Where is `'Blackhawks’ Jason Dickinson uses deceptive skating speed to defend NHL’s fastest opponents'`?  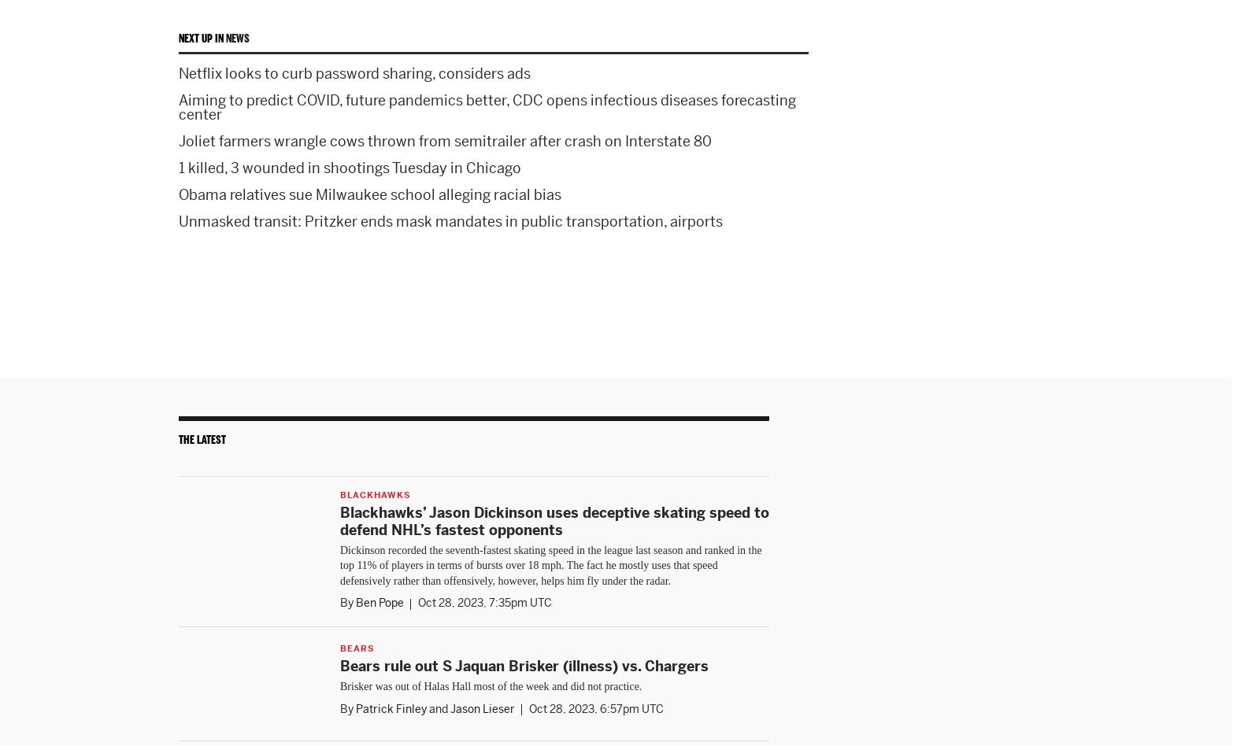
'Blackhawks’ Jason Dickinson uses deceptive skating speed to defend NHL’s fastest opponents' is located at coordinates (554, 519).